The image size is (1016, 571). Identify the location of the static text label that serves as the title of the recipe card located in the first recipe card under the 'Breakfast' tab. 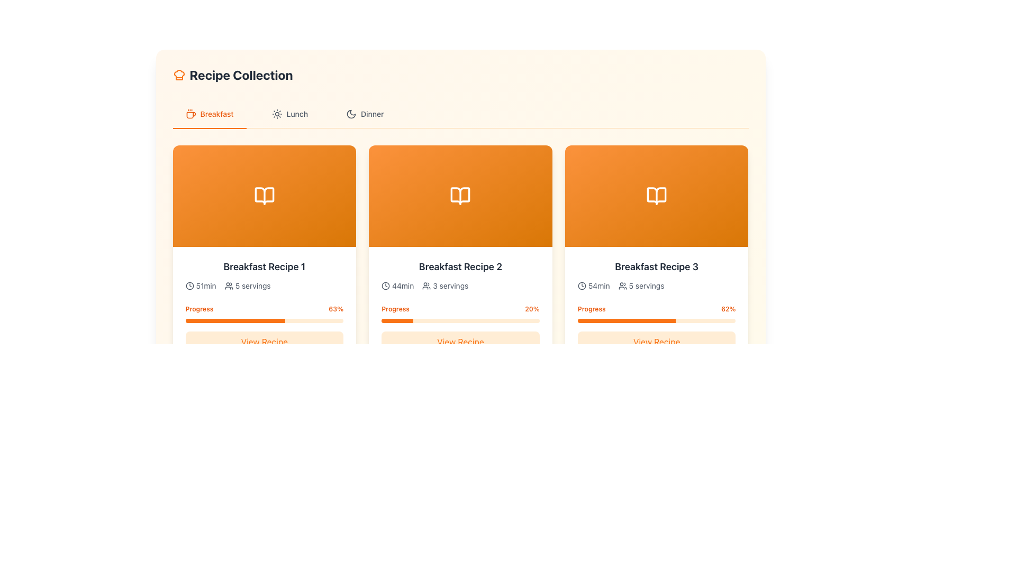
(264, 266).